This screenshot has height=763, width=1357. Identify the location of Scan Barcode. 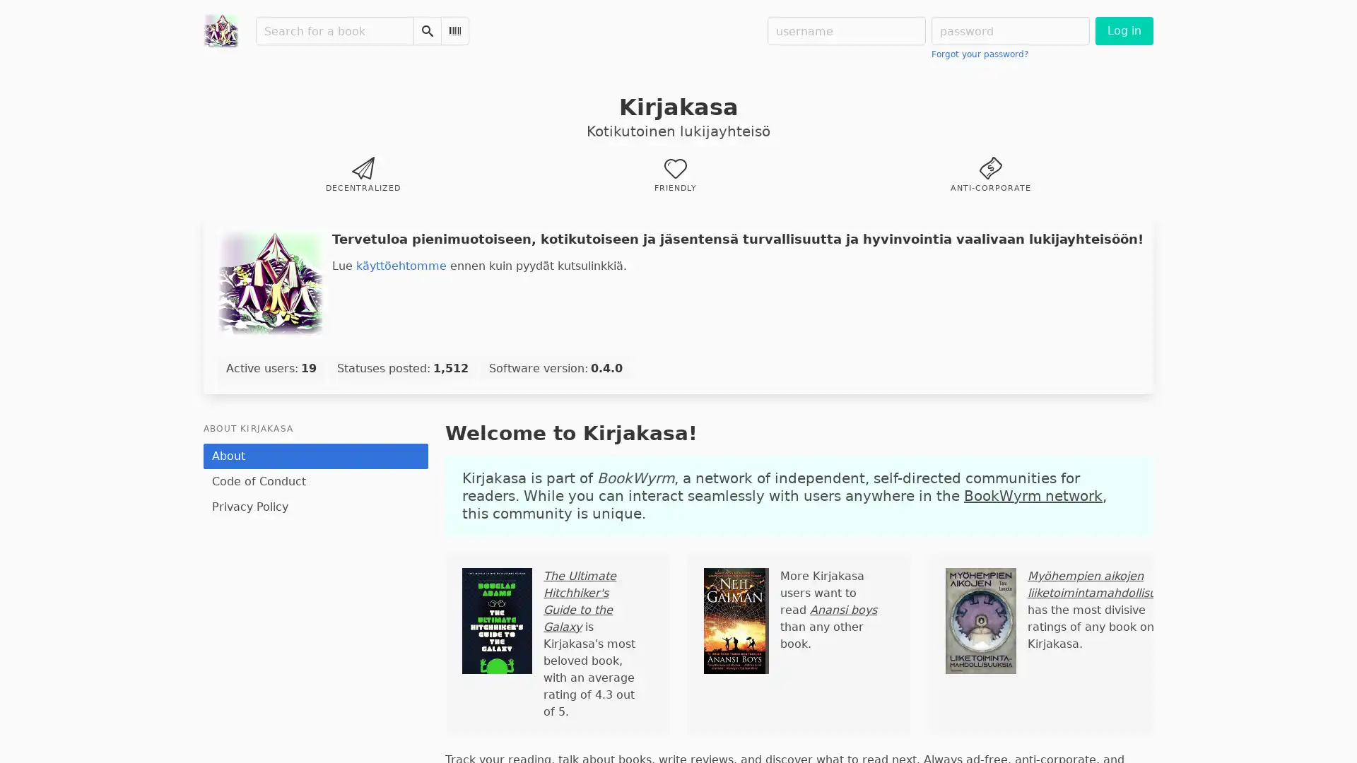
(454, 30).